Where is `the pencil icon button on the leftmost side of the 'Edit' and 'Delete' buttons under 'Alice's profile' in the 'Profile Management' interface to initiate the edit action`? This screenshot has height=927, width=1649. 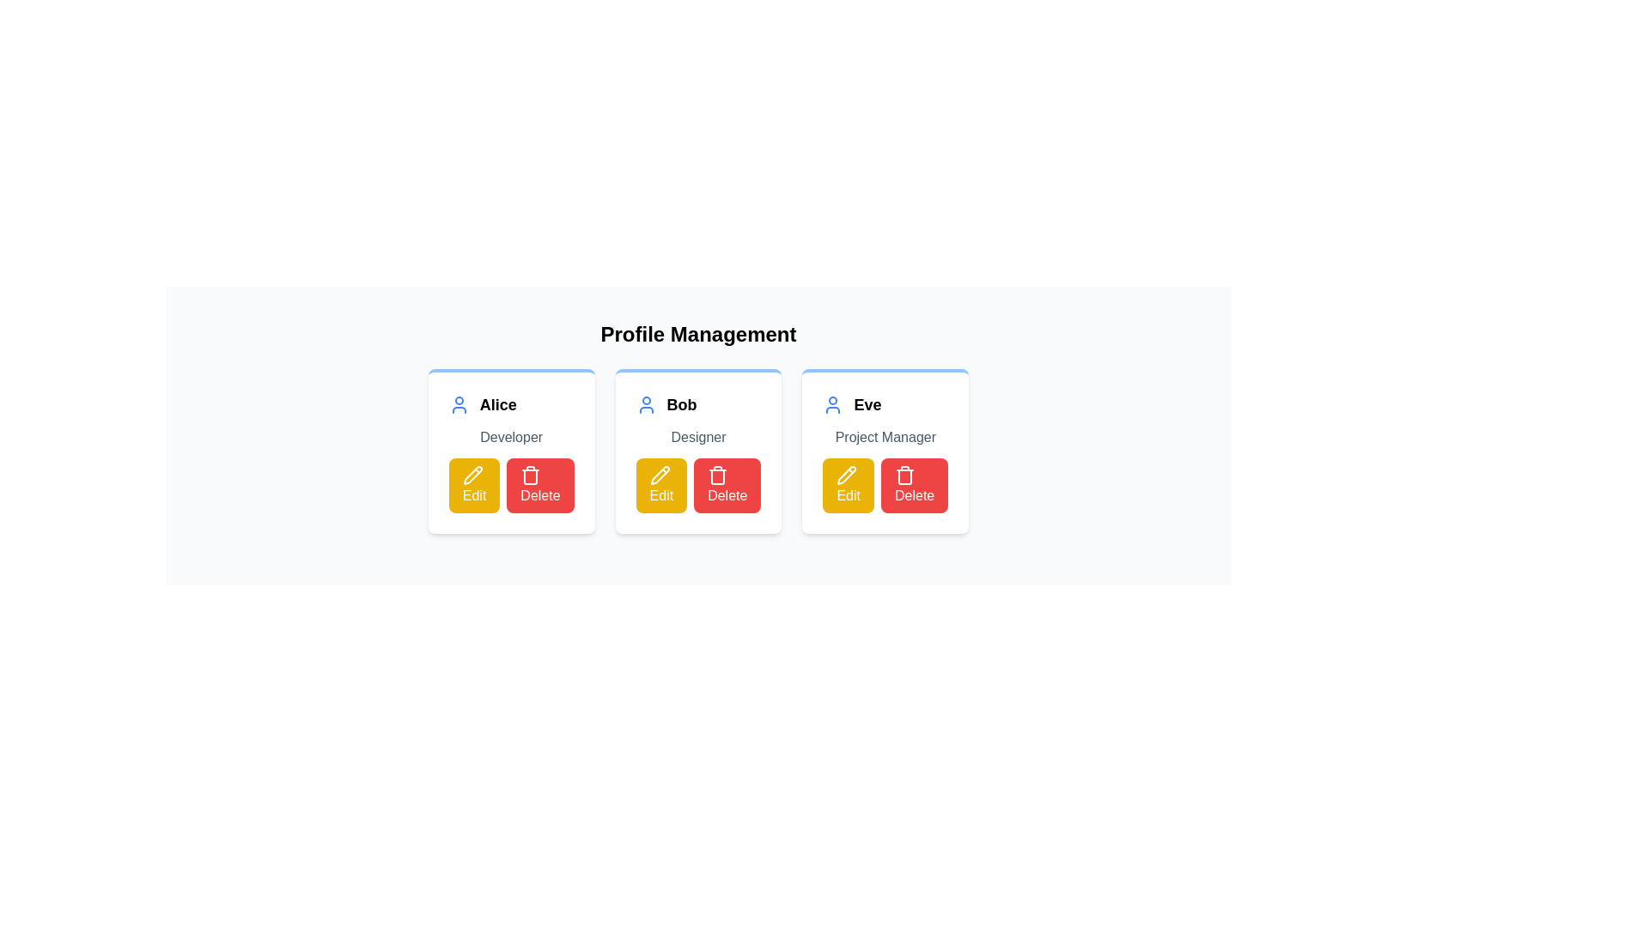
the pencil icon button on the leftmost side of the 'Edit' and 'Delete' buttons under 'Alice's profile' in the 'Profile Management' interface to initiate the edit action is located at coordinates (472, 476).